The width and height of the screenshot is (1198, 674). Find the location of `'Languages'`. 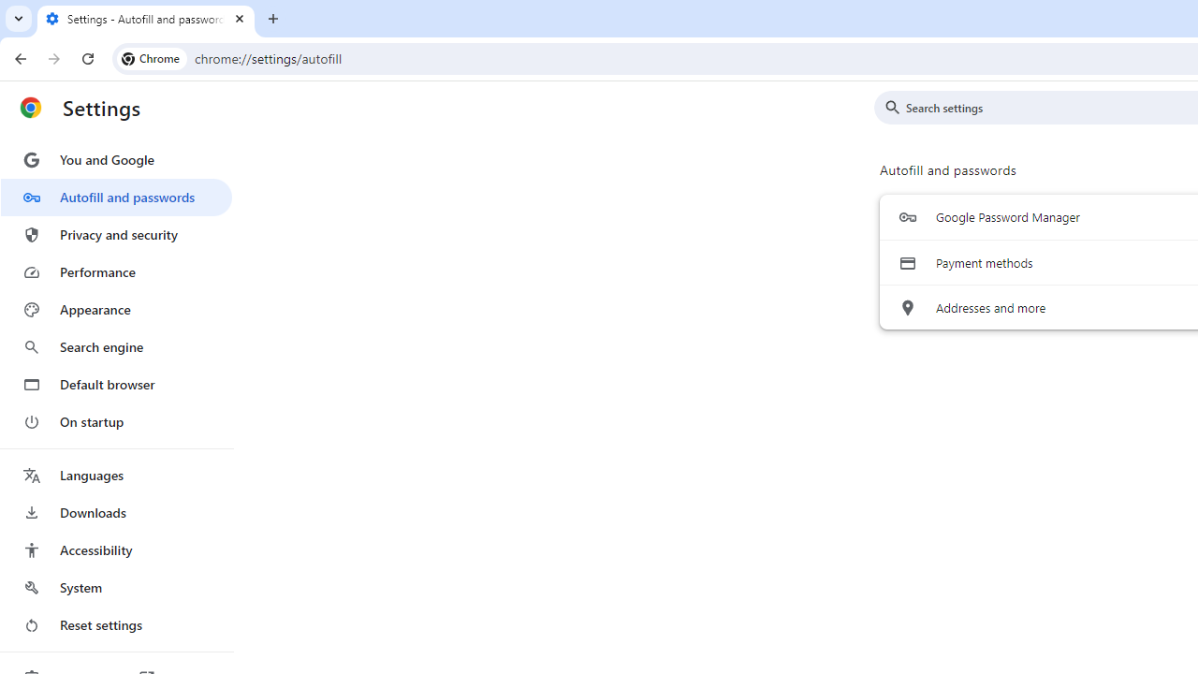

'Languages' is located at coordinates (115, 474).